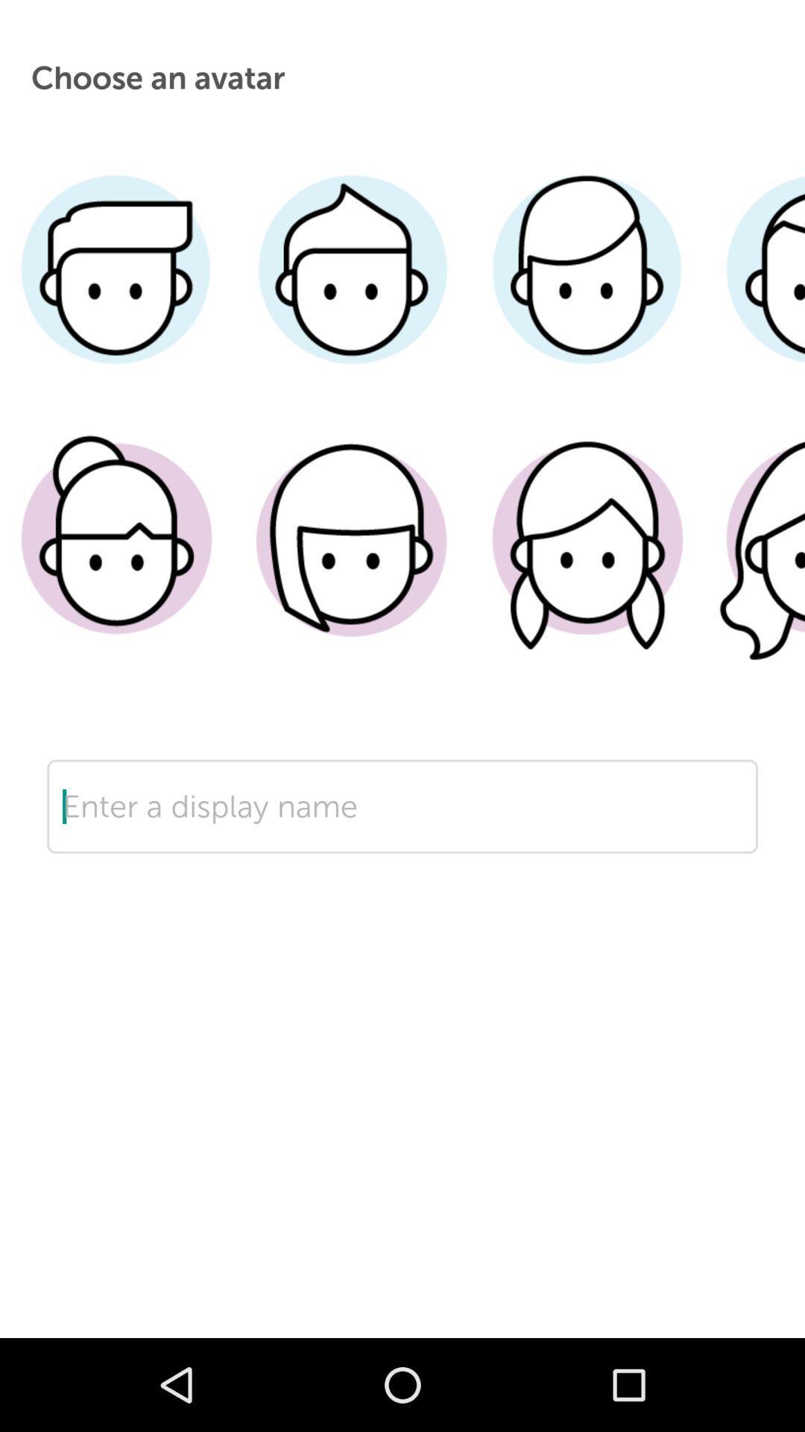 The height and width of the screenshot is (1432, 805). I want to click on chooses the avatar, so click(116, 561).